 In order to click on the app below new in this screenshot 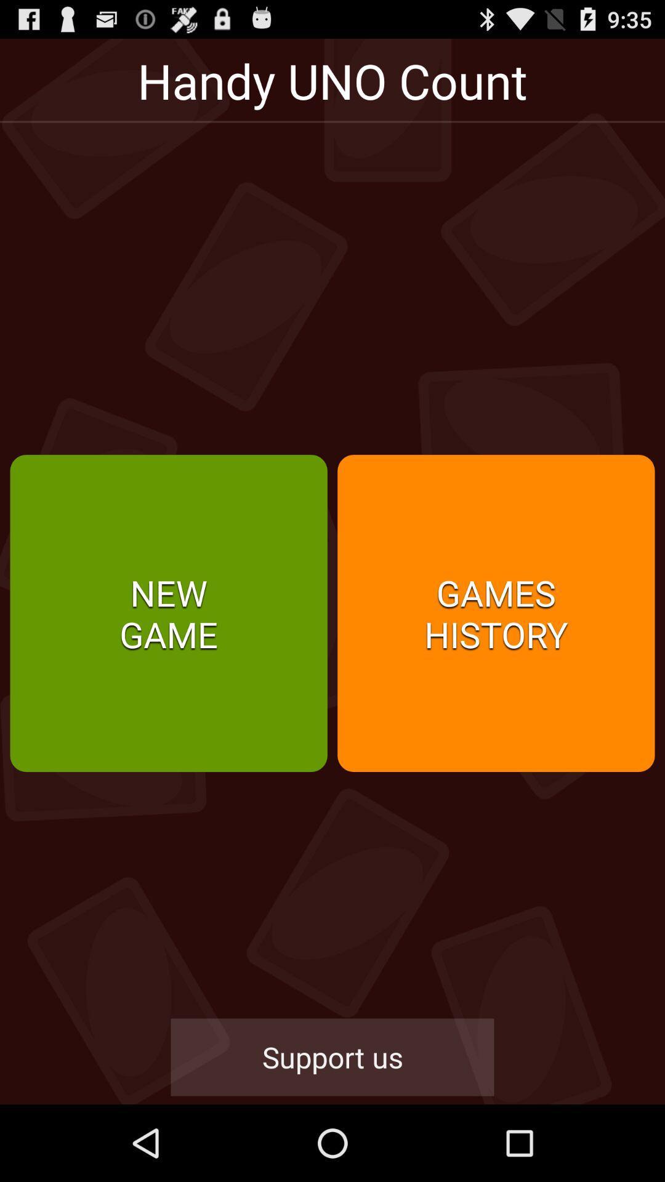, I will do `click(332, 1056)`.